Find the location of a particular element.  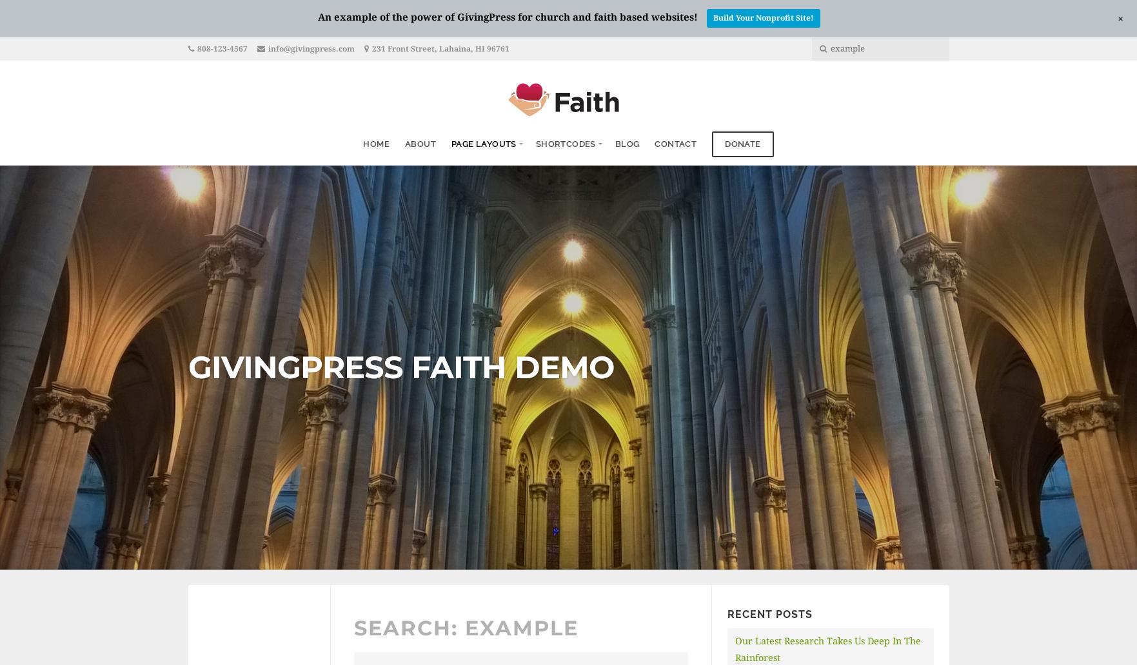

'Search: example' is located at coordinates (465, 626).